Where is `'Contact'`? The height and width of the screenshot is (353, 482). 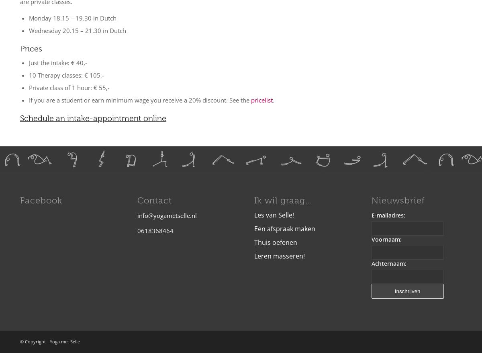
'Contact' is located at coordinates (137, 200).